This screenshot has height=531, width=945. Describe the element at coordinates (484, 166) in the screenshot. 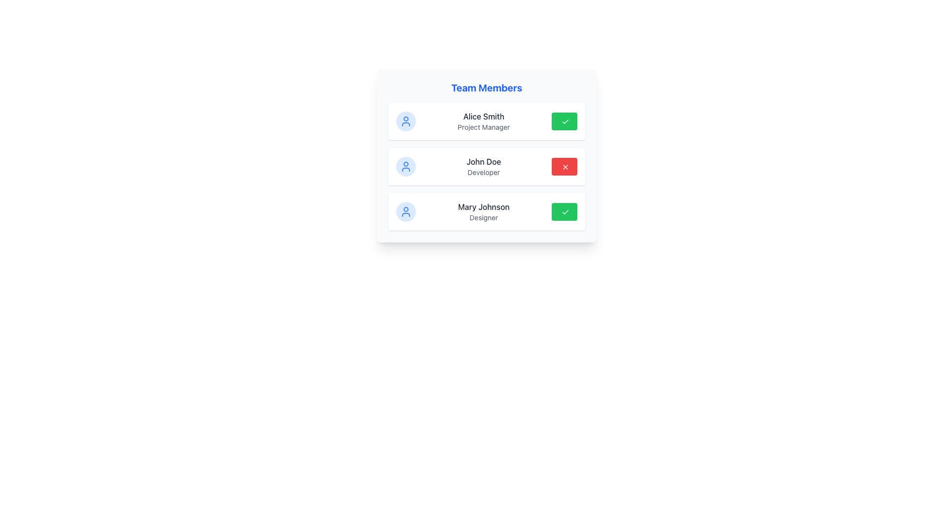

I see `the text block displaying the name and occupation of the second team member in the vertical list` at that location.